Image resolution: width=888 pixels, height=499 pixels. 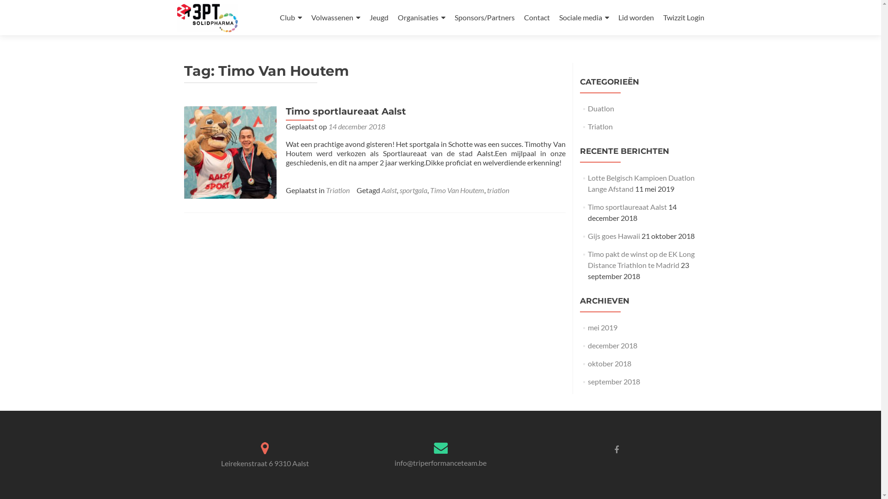 What do you see at coordinates (635, 17) in the screenshot?
I see `'Lid worden'` at bounding box center [635, 17].